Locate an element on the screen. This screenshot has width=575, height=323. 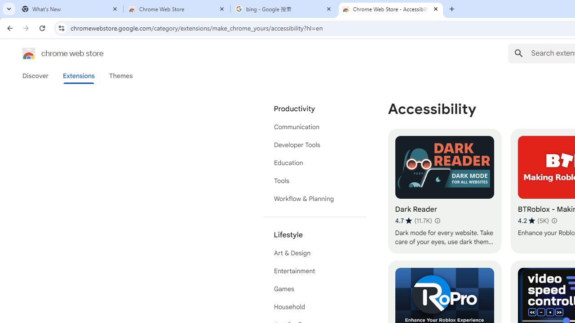
'Education' is located at coordinates (314, 162).